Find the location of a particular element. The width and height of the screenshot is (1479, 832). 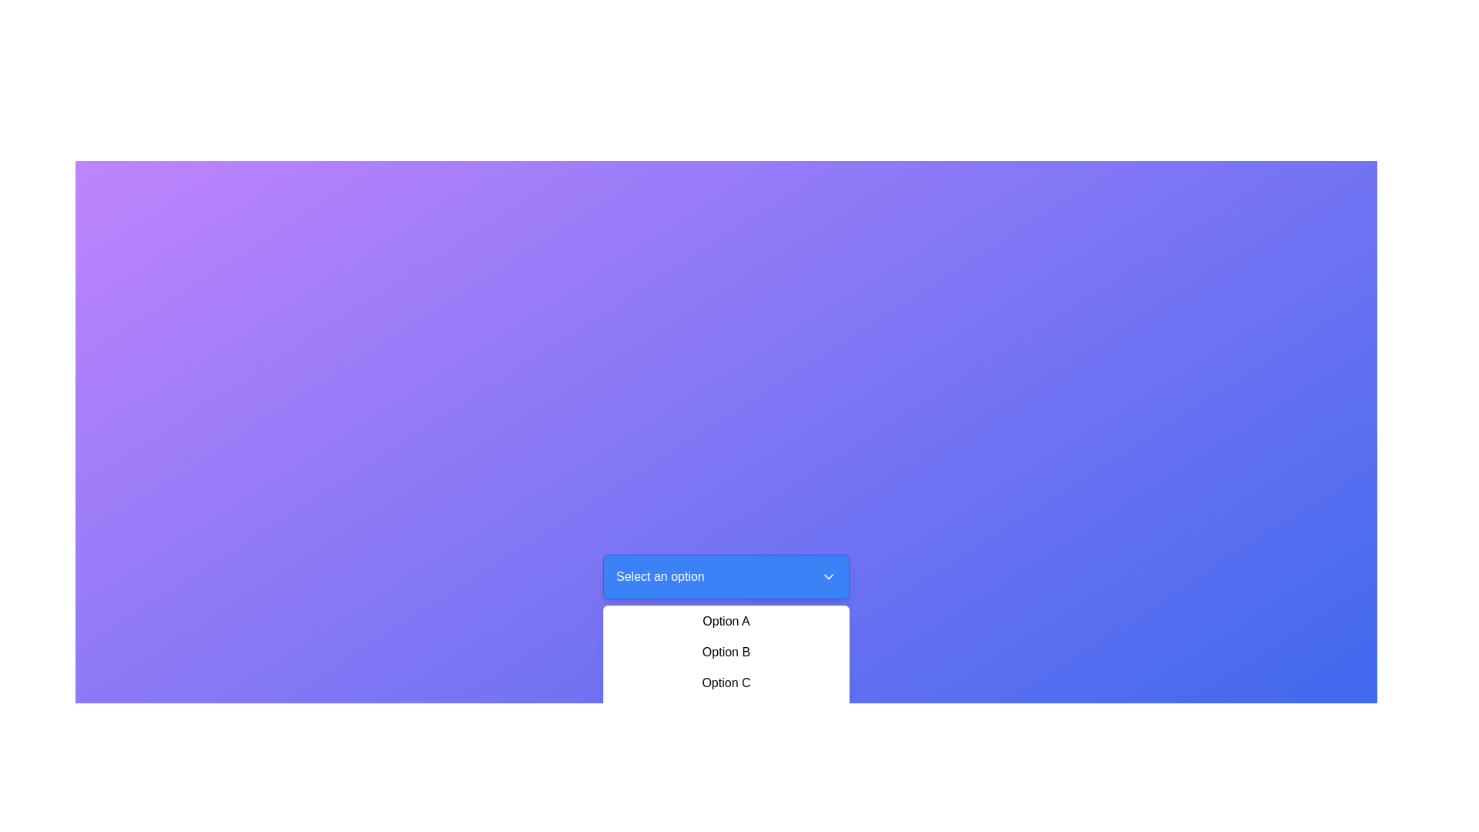

the dropdown menu labeled 'Select an option' with a blue background is located at coordinates (725, 576).